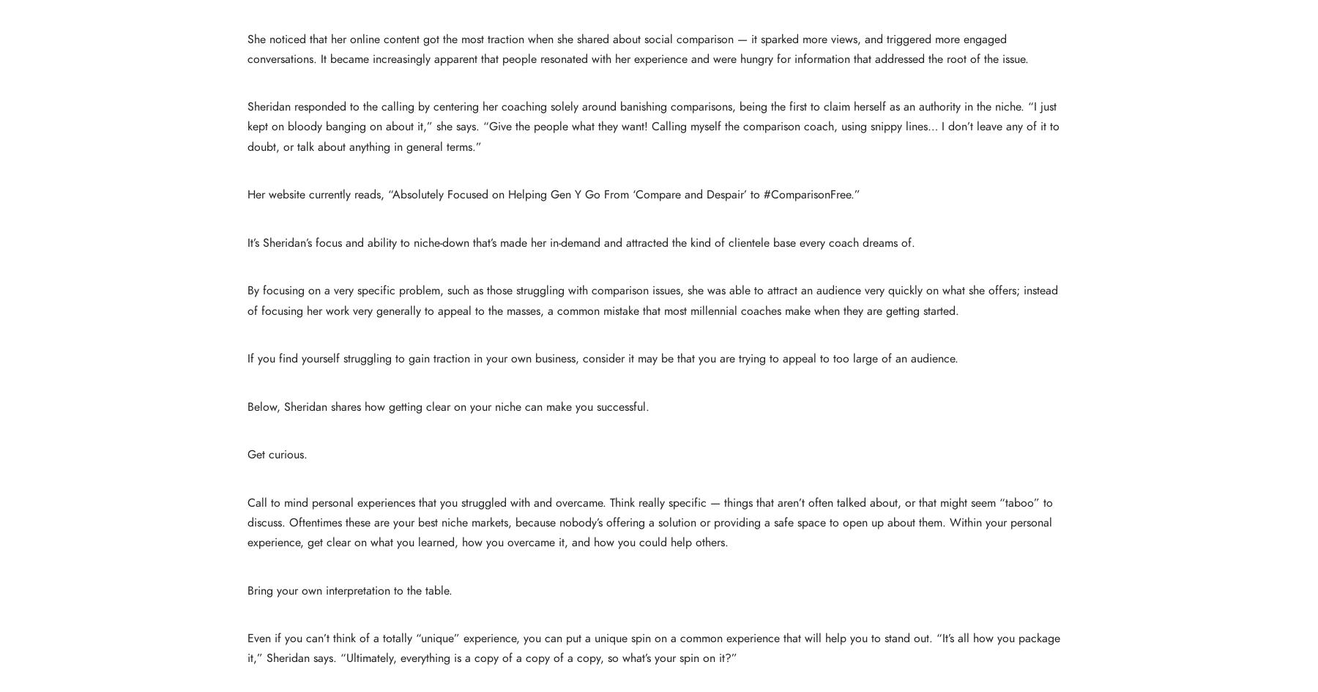 Image resolution: width=1318 pixels, height=692 pixels. What do you see at coordinates (277, 453) in the screenshot?
I see `'Get curious.'` at bounding box center [277, 453].